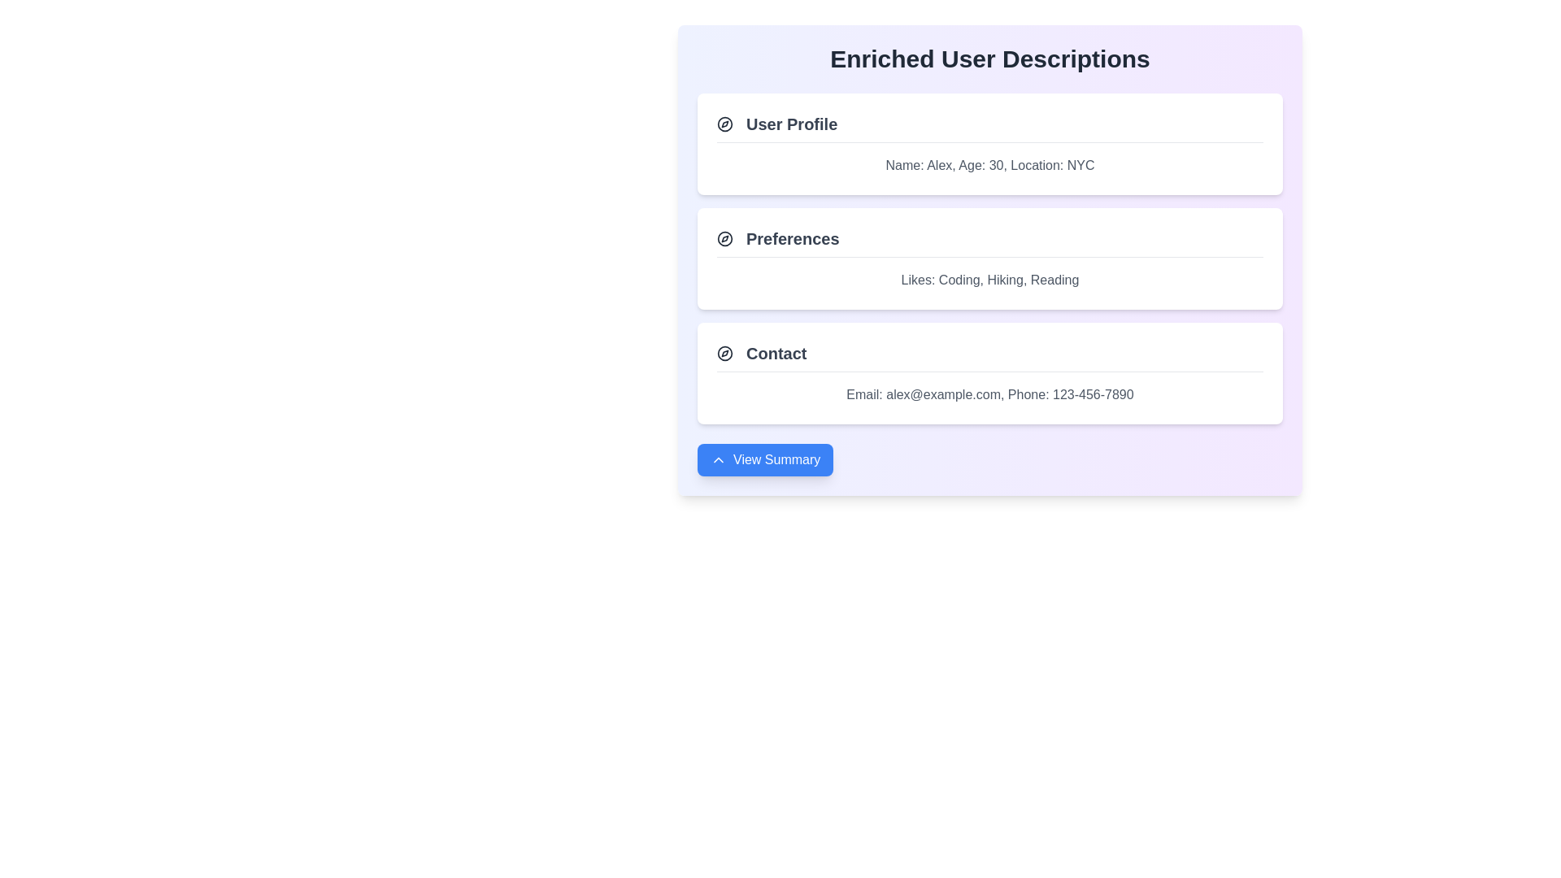 This screenshot has width=1561, height=878. I want to click on the compass icon located in the 'Contact' section, positioned to the left of the section title 'Contact', so click(724, 353).